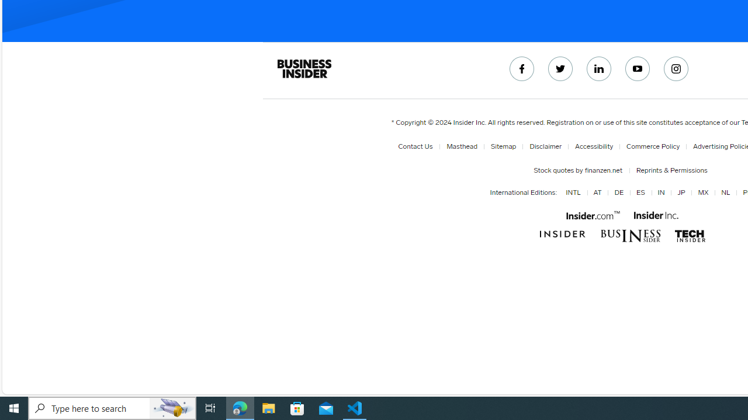  Describe the element at coordinates (459, 146) in the screenshot. I see `'Masthead'` at that location.